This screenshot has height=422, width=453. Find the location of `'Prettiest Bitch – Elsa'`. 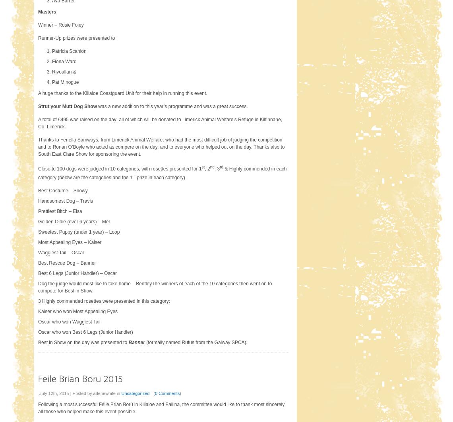

'Prettiest Bitch – Elsa' is located at coordinates (60, 211).